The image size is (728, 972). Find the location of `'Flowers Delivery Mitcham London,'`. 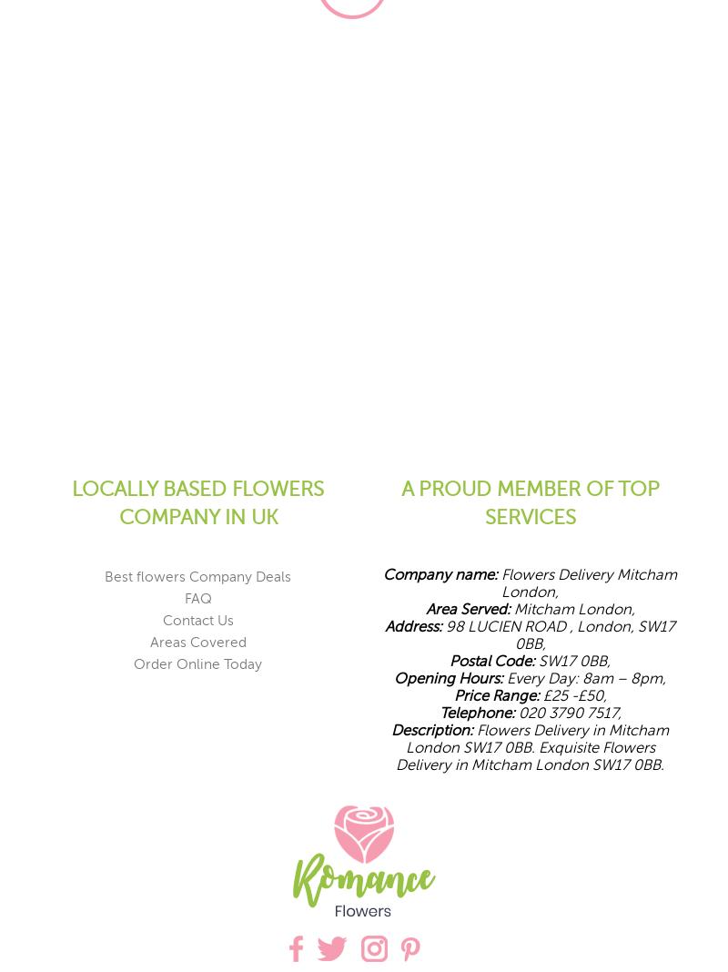

'Flowers Delivery Mitcham London,' is located at coordinates (586, 582).